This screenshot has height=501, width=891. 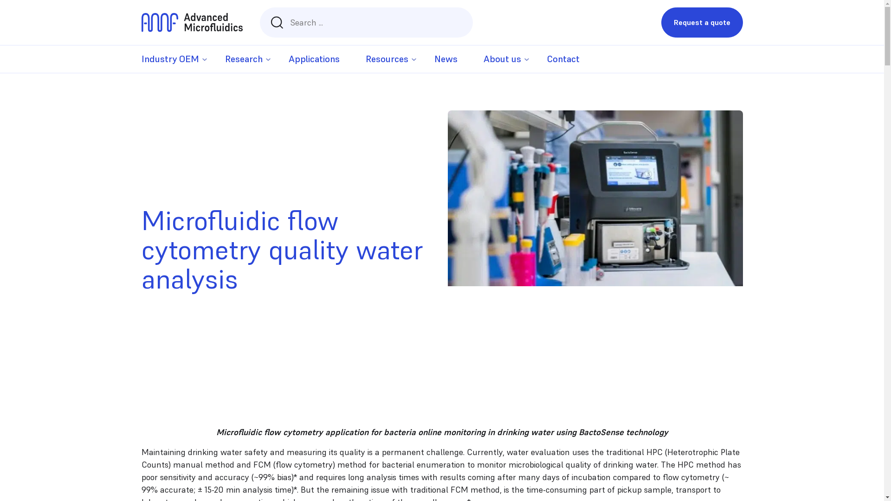 What do you see at coordinates (702, 22) in the screenshot?
I see `'Request a quote'` at bounding box center [702, 22].